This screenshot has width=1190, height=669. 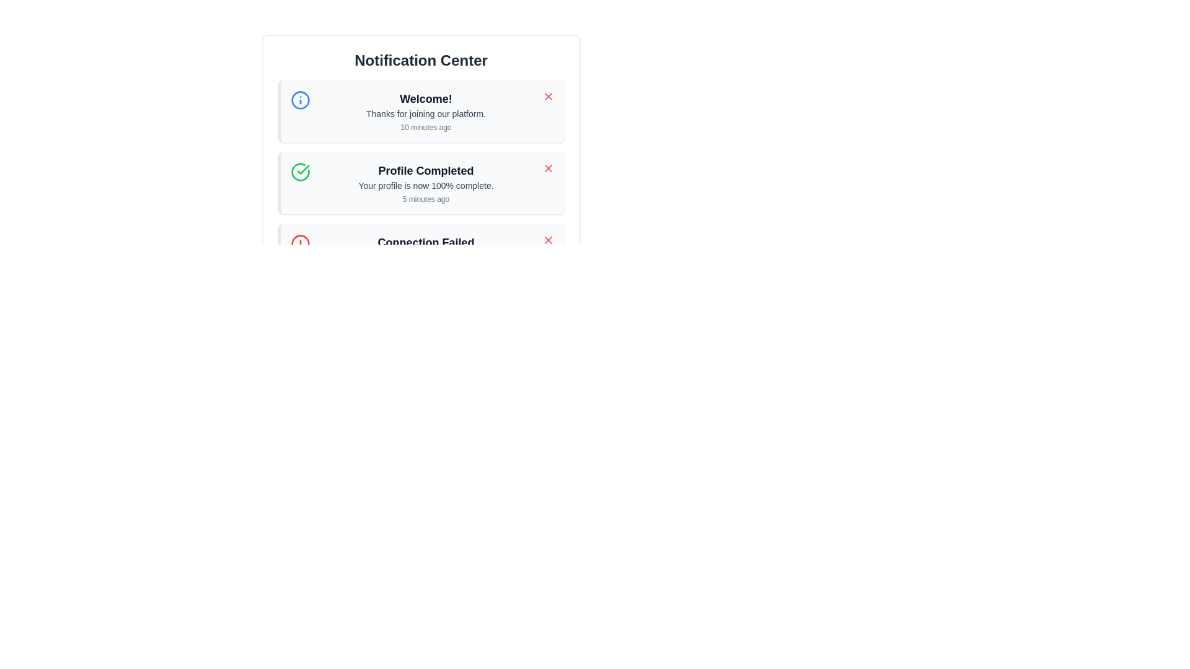 What do you see at coordinates (426, 255) in the screenshot?
I see `the textual notification entry that indicates 'Connection Failed', which is styled in gray and located in the lower half of the notification panel` at bounding box center [426, 255].